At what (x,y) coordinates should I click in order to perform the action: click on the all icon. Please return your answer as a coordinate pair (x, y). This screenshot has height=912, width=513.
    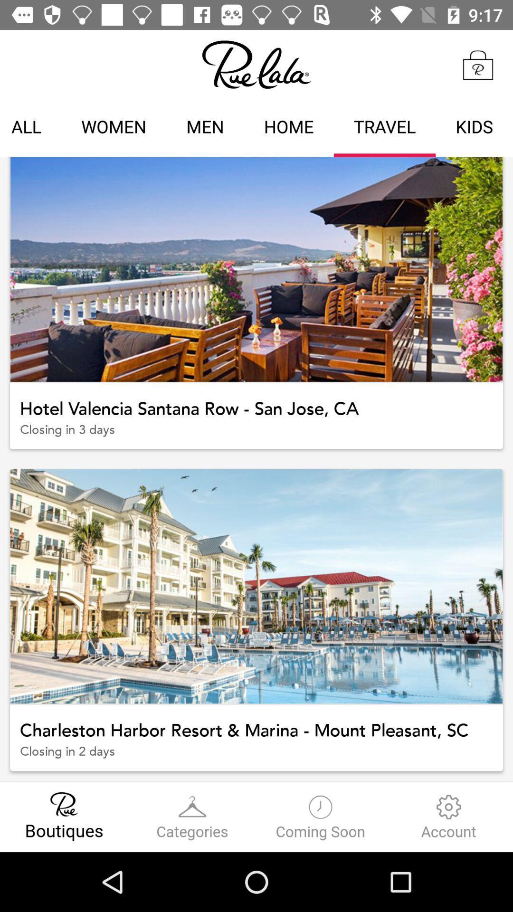
    Looking at the image, I should click on (30, 128).